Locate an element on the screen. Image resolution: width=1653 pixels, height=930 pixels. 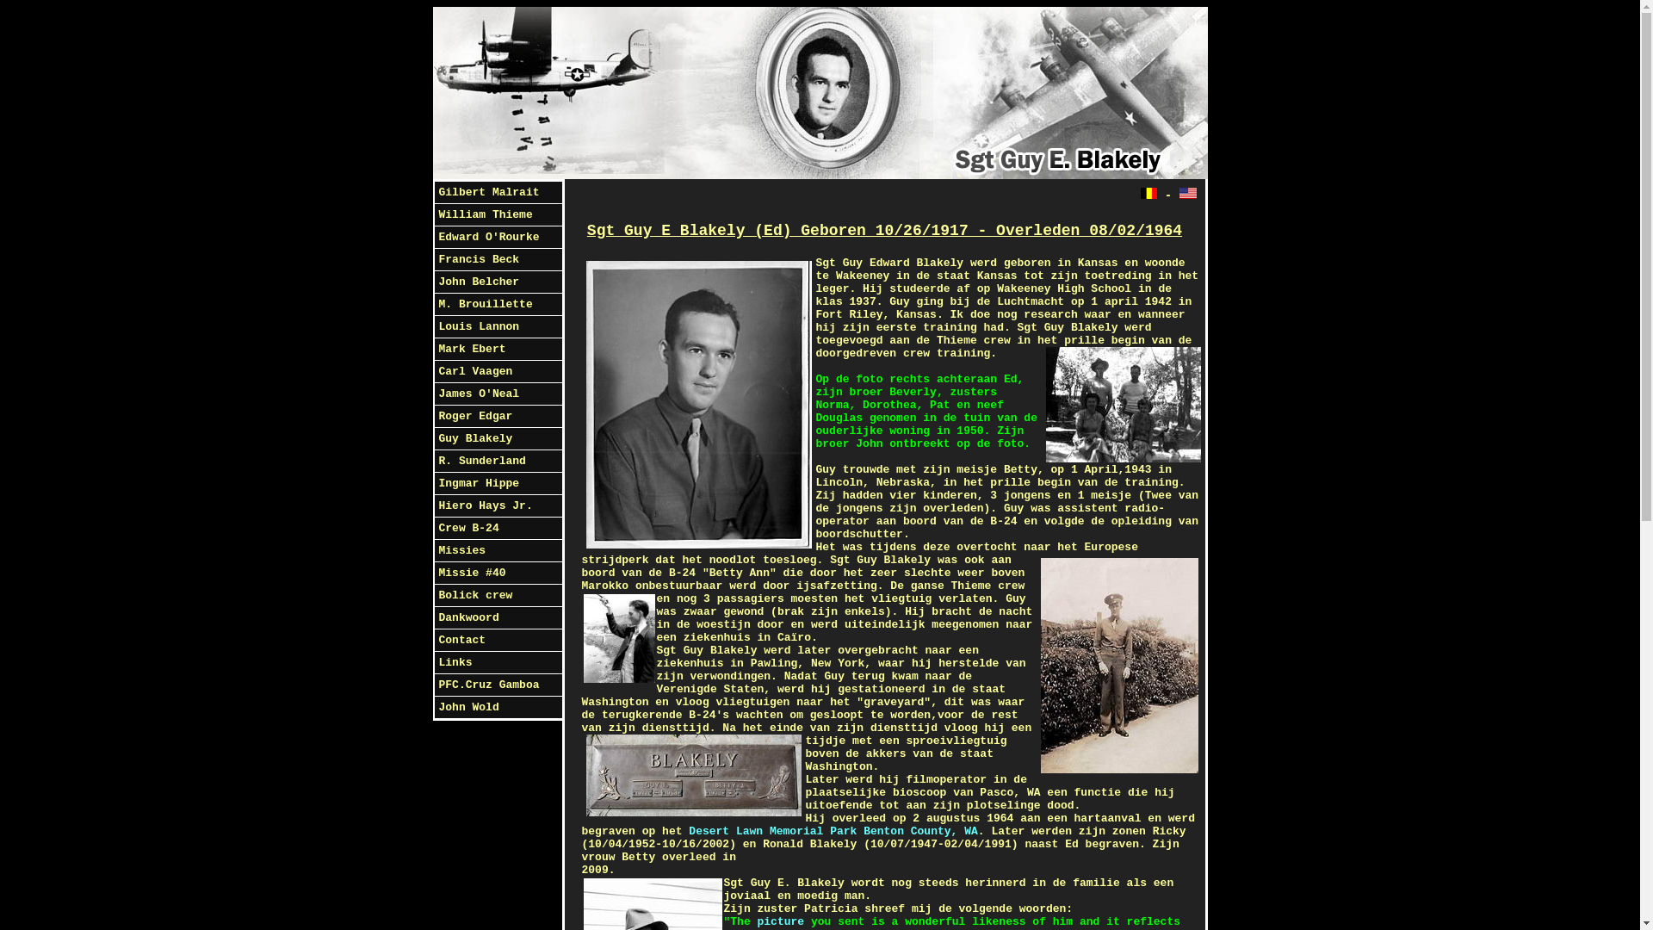
'Missies' is located at coordinates (496, 551).